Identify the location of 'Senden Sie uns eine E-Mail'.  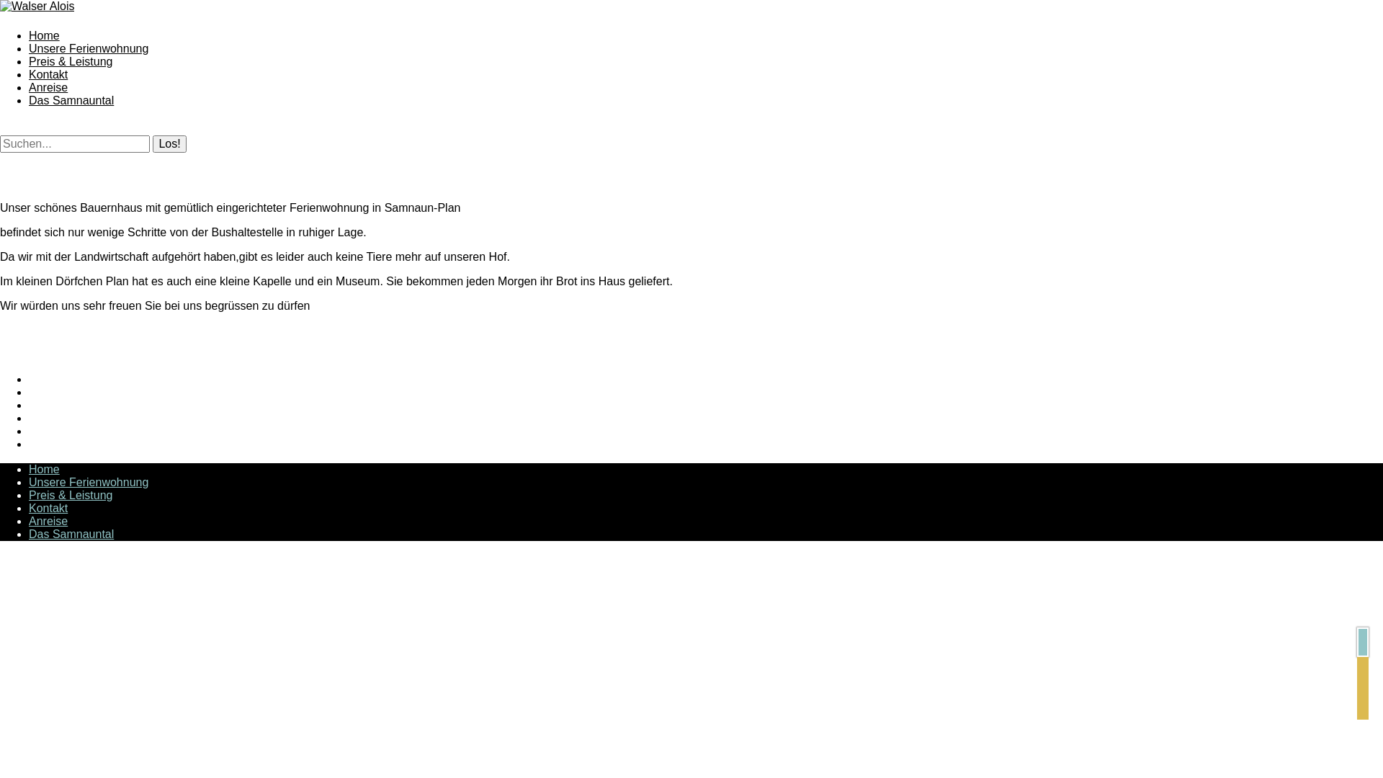
(1356, 708).